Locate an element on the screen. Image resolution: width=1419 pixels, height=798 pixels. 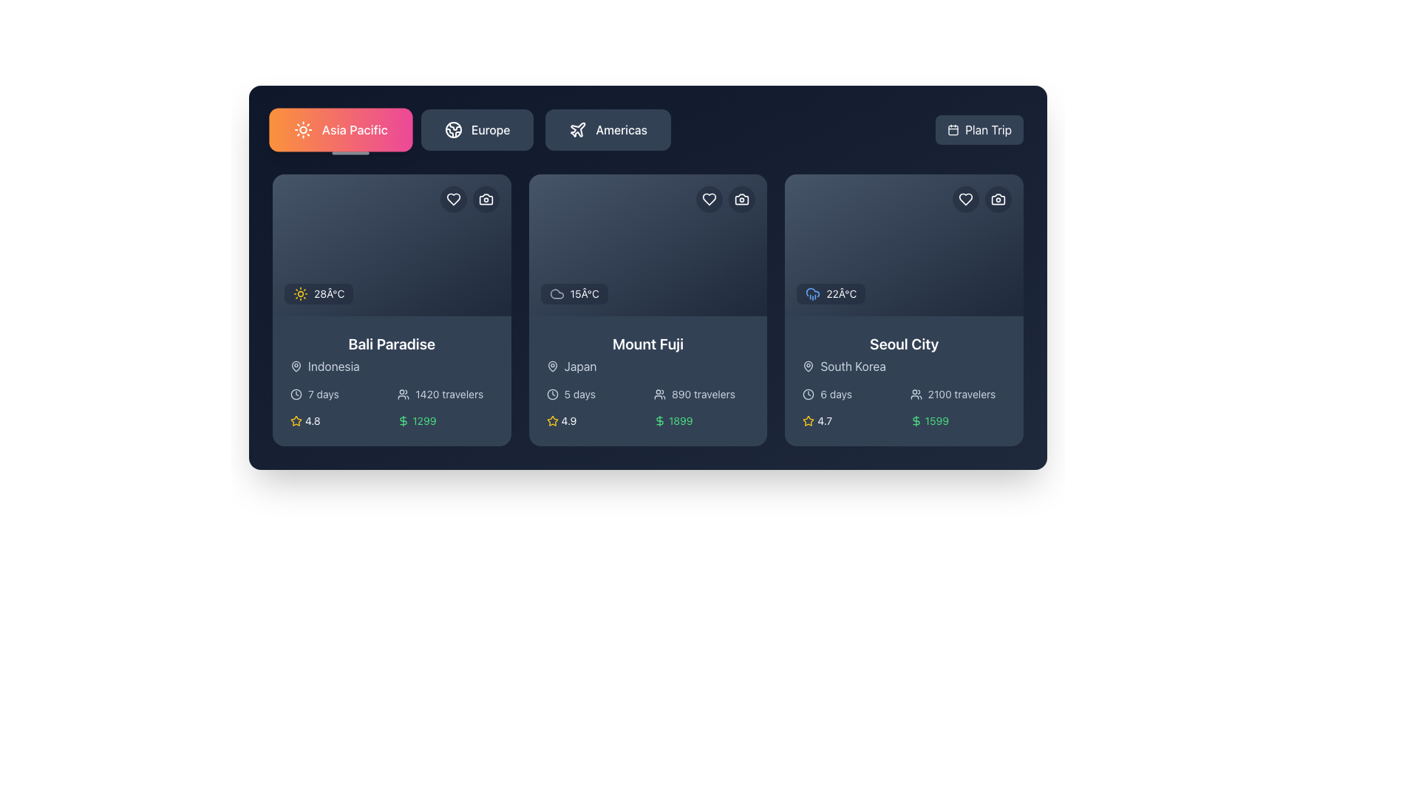
the SVG-based map pin icon located to the left of the text 'Indonesia' in the top-left corner of the 'Bali Paradise' card is located at coordinates (296, 366).